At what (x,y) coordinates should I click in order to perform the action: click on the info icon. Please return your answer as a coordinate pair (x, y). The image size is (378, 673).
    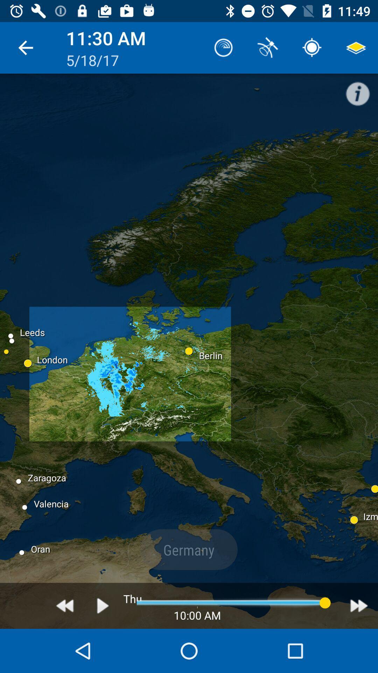
    Looking at the image, I should click on (361, 90).